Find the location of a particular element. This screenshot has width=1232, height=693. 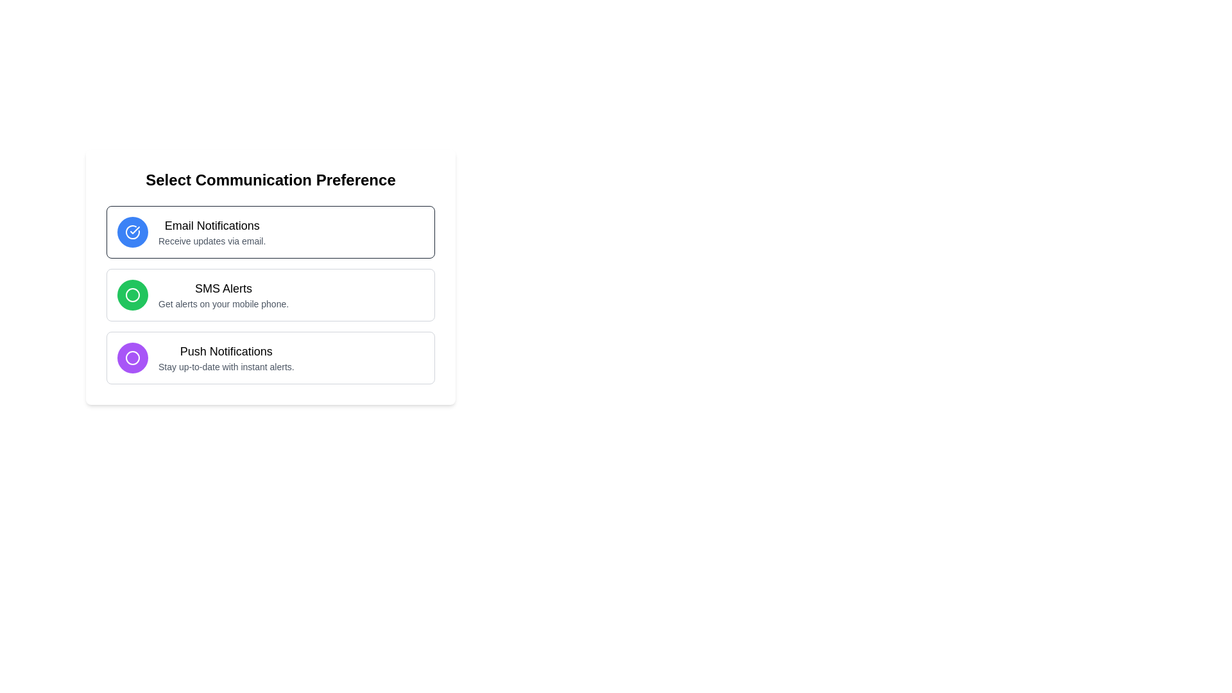

the icon indicating the selected state for the 'Email Notifications' option, which is located to the left of the option's main text in the communication preferences list is located at coordinates (135, 229).